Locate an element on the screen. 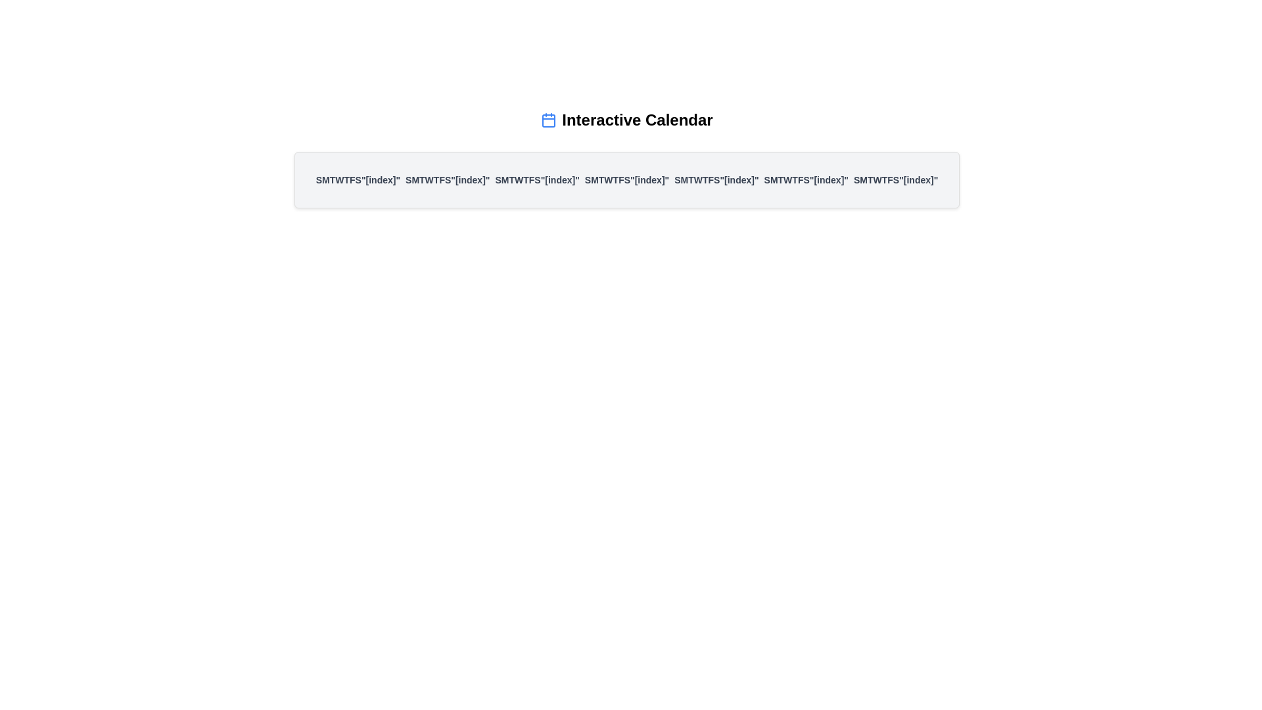 The height and width of the screenshot is (710, 1262). the blue and white square component of the calendar icon that is centrally located within the calendar graphic, which serves as a visual marker to the left of the title 'Interactive Calendar' is located at coordinates (549, 121).